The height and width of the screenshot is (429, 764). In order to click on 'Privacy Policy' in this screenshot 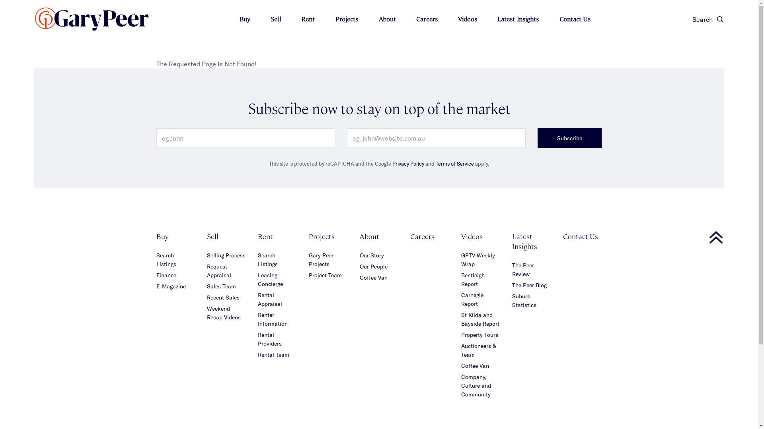, I will do `click(408, 163)`.